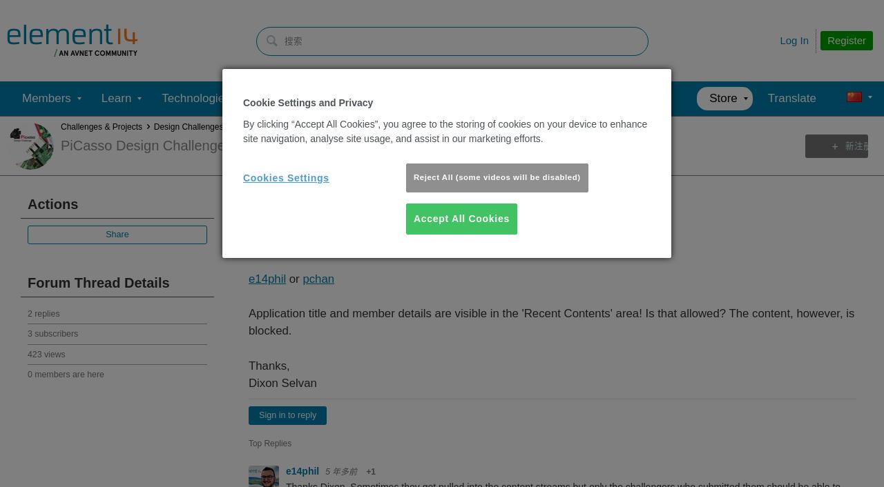 This screenshot has height=487, width=884. I want to click on '0 members are here', so click(64, 374).